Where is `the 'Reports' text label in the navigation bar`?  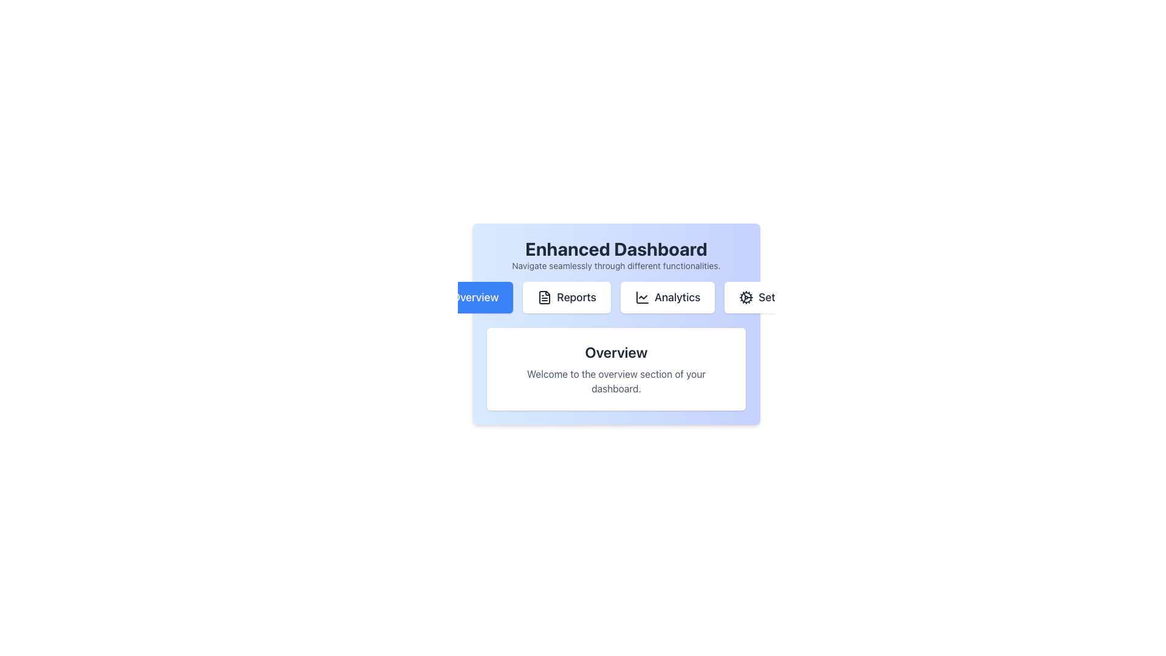
the 'Reports' text label in the navigation bar is located at coordinates (576, 297).